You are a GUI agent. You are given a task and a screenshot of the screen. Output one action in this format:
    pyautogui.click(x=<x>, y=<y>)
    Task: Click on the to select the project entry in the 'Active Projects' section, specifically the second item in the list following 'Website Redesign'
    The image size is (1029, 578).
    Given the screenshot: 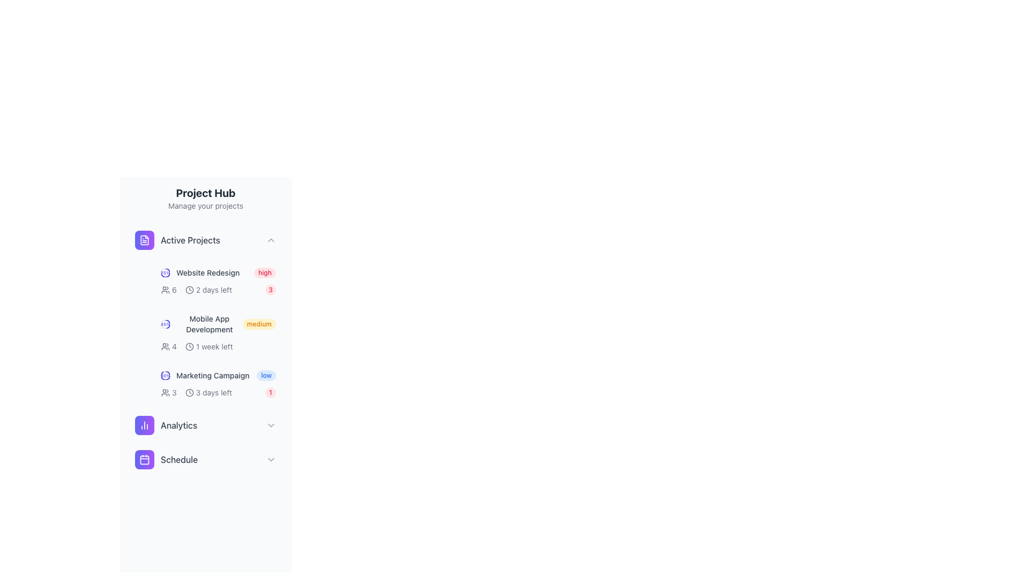 What is the action you would take?
    pyautogui.click(x=218, y=323)
    